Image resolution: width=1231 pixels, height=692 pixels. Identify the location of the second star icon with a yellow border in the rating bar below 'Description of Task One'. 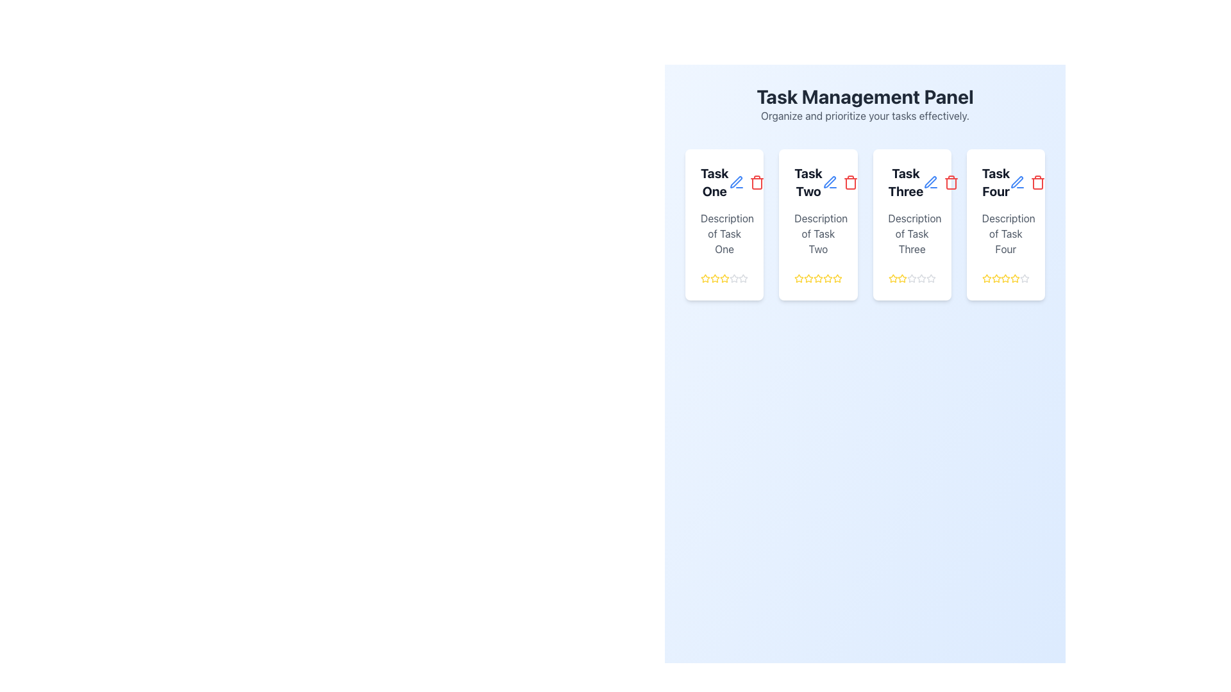
(714, 278).